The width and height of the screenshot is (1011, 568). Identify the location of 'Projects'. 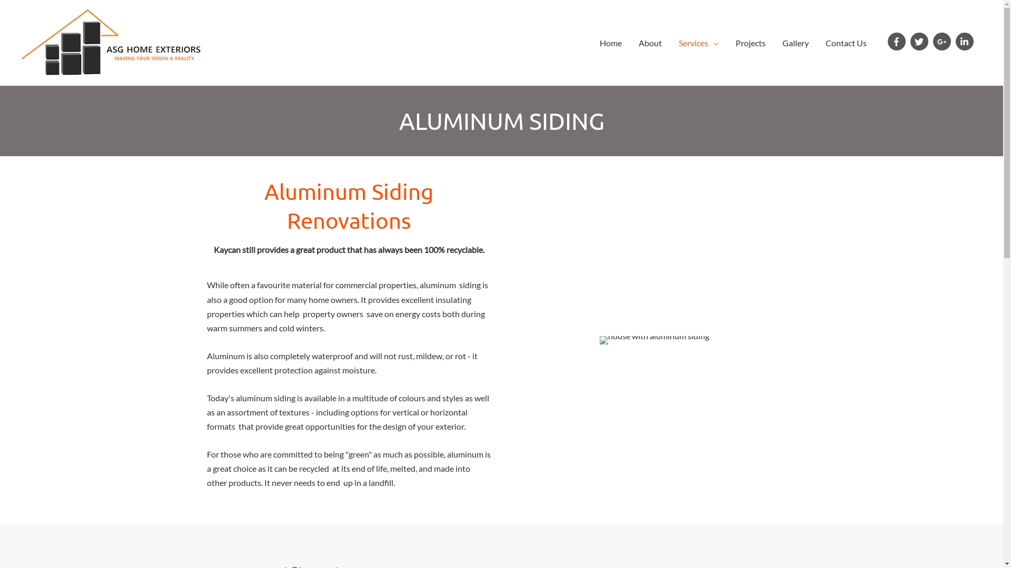
(750, 42).